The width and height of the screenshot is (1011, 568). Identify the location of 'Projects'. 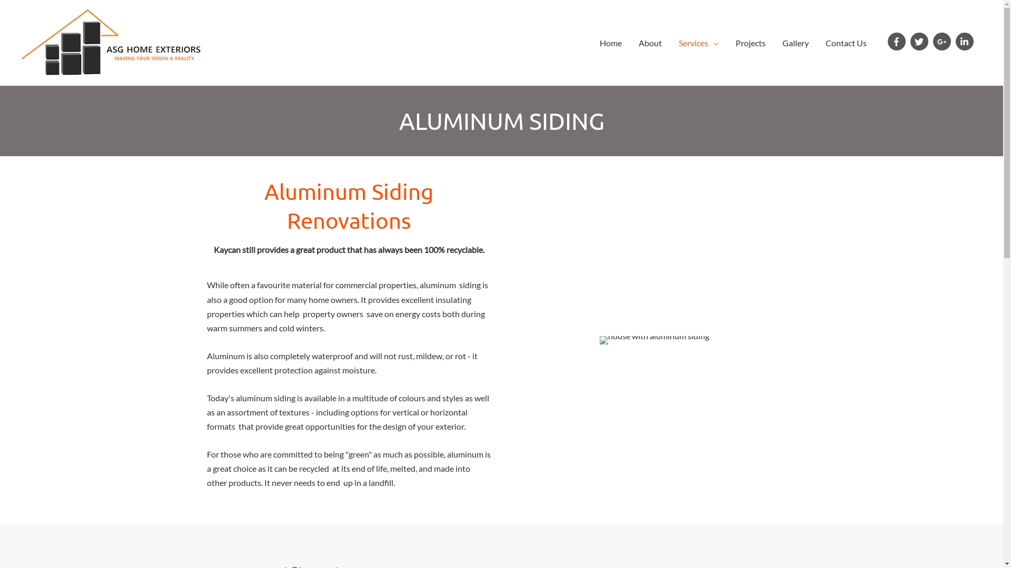
(750, 42).